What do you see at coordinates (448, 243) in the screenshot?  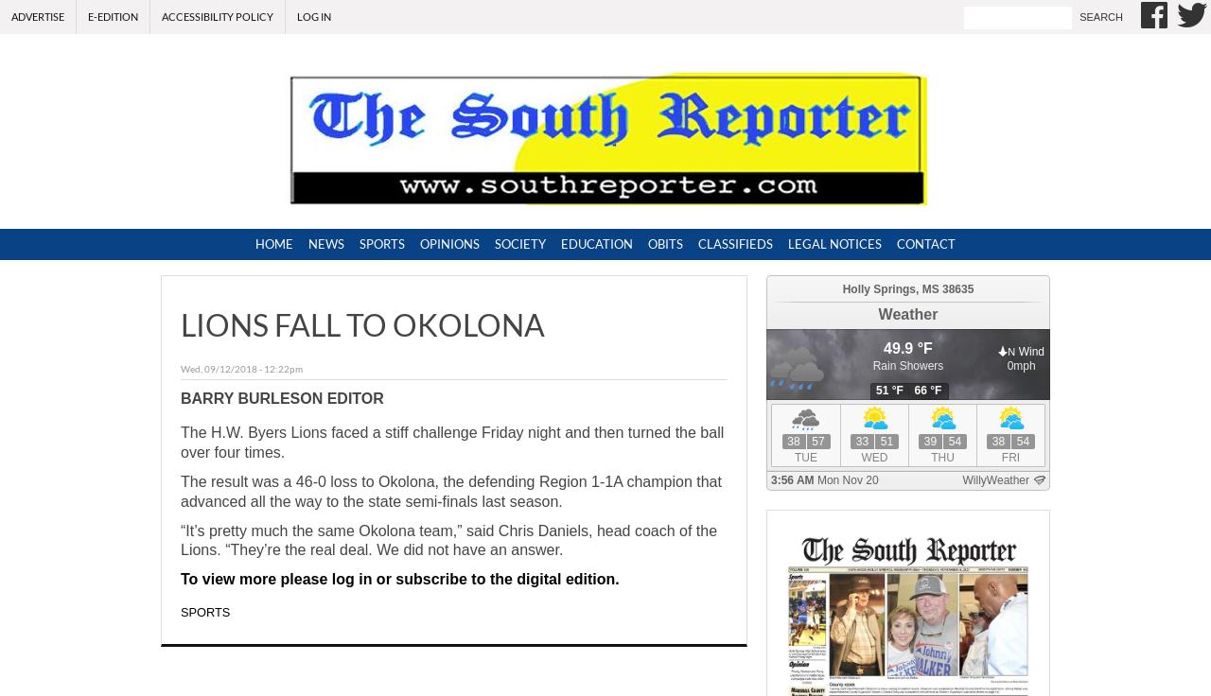 I see `'Opinions'` at bounding box center [448, 243].